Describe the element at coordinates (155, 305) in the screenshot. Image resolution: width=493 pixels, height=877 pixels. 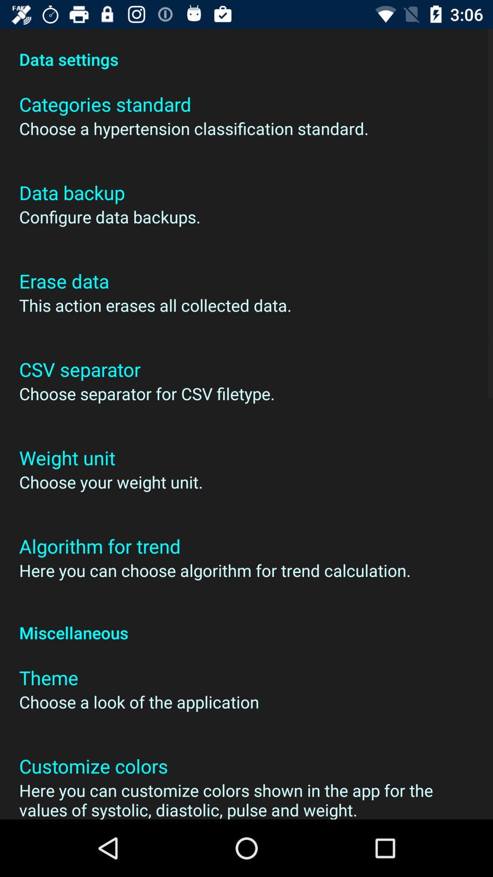
I see `this action erases icon` at that location.